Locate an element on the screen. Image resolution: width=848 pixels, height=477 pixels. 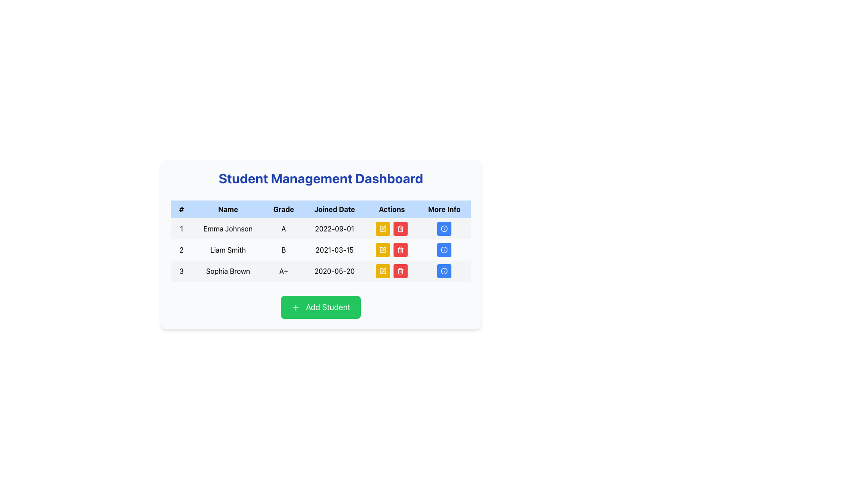
the trash can icon button in the 'Actions' column of the second row, which corresponds to the data entry for 'Liam Smith', to initiate a delete action is located at coordinates (400, 250).